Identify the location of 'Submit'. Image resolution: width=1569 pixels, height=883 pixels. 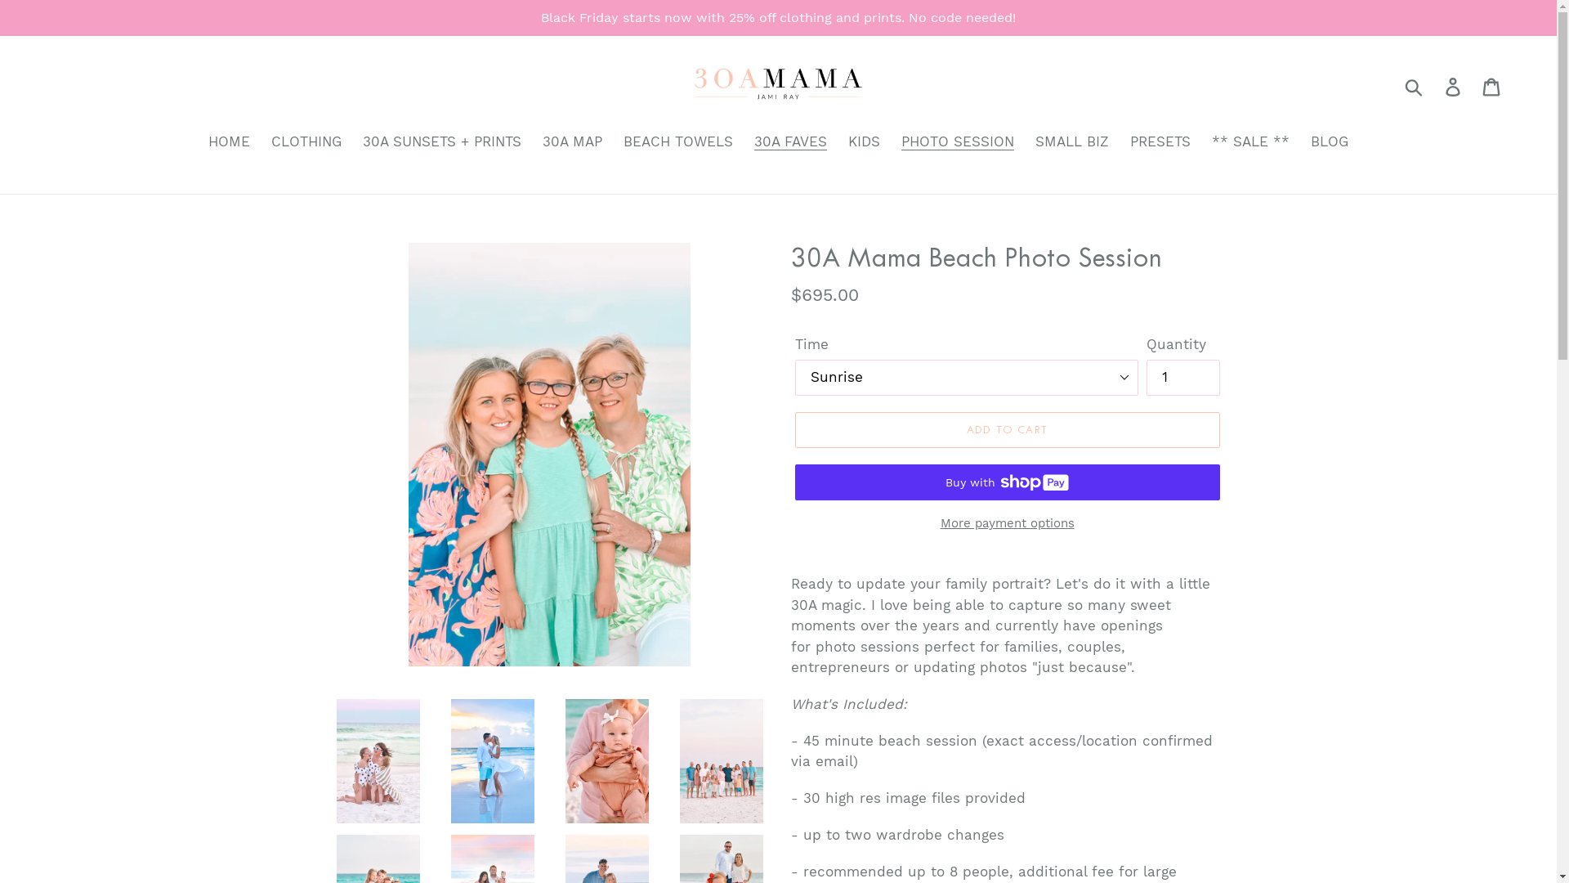
(1414, 85).